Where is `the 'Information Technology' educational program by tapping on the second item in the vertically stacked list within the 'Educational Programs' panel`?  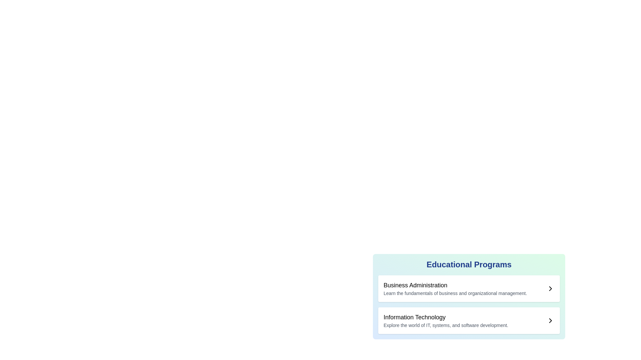 the 'Information Technology' educational program by tapping on the second item in the vertically stacked list within the 'Educational Programs' panel is located at coordinates (469, 320).